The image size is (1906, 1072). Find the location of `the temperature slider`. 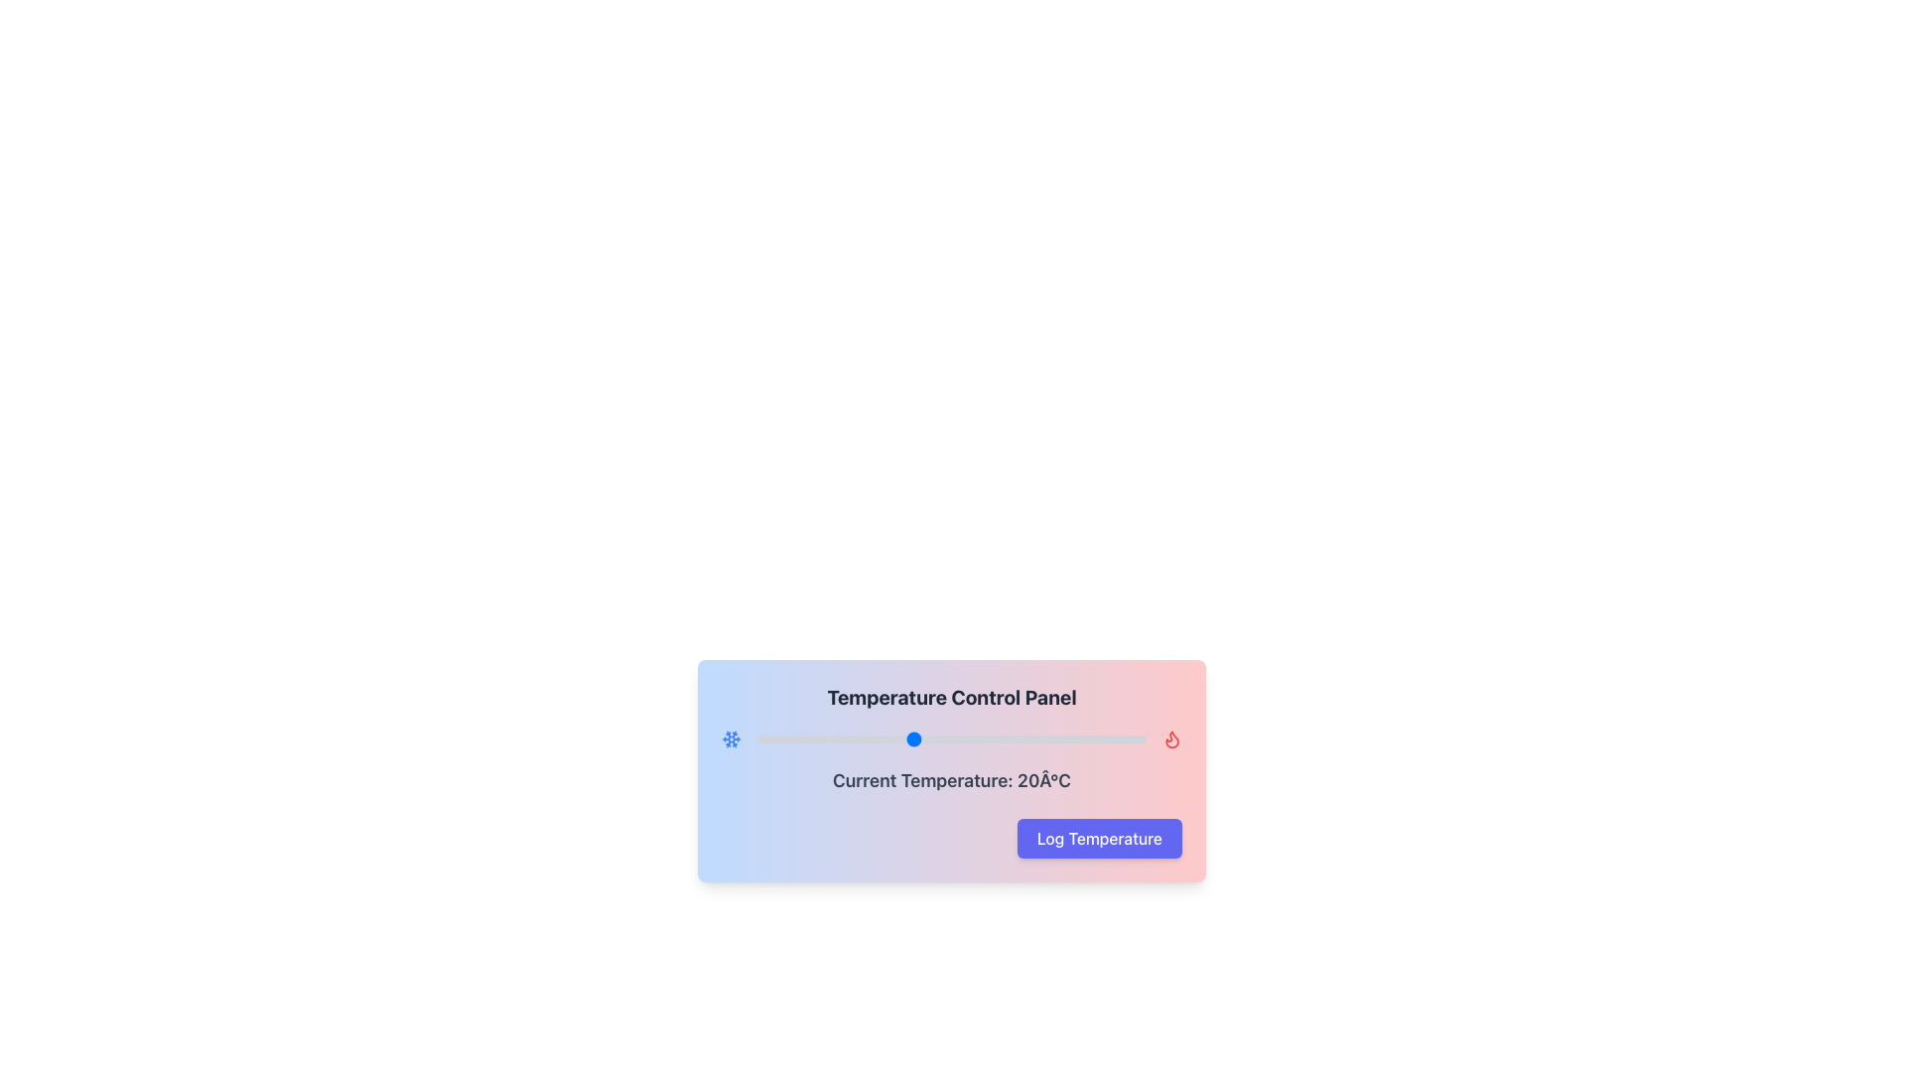

the temperature slider is located at coordinates (796, 738).